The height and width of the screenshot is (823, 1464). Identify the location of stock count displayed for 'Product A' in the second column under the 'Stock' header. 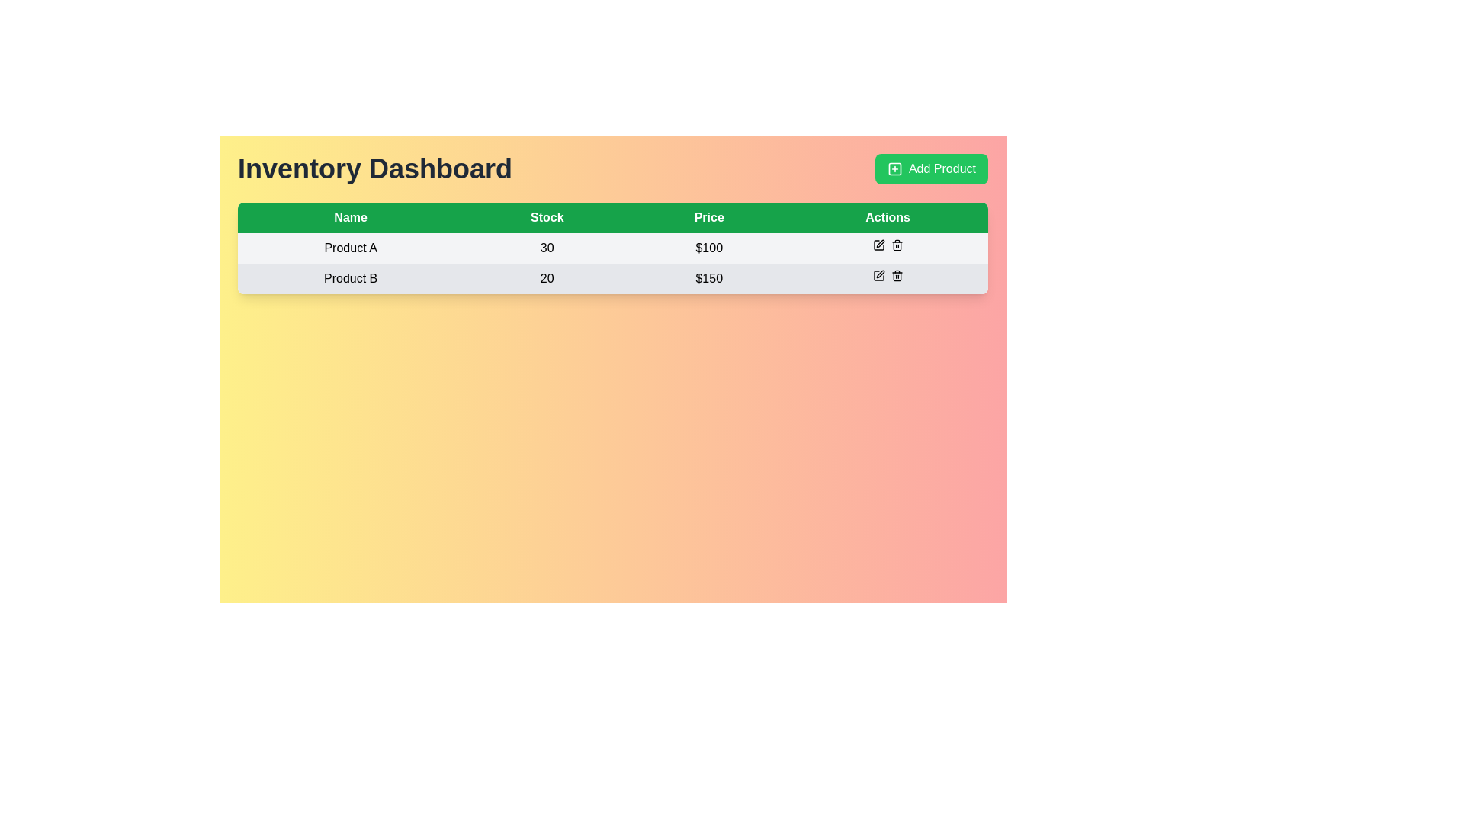
(547, 248).